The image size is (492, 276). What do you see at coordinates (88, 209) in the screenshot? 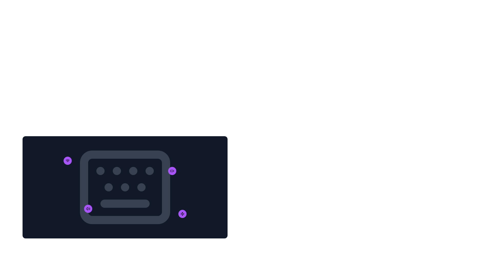
I see `the leftmost circular button in the dark rectangular panel` at bounding box center [88, 209].